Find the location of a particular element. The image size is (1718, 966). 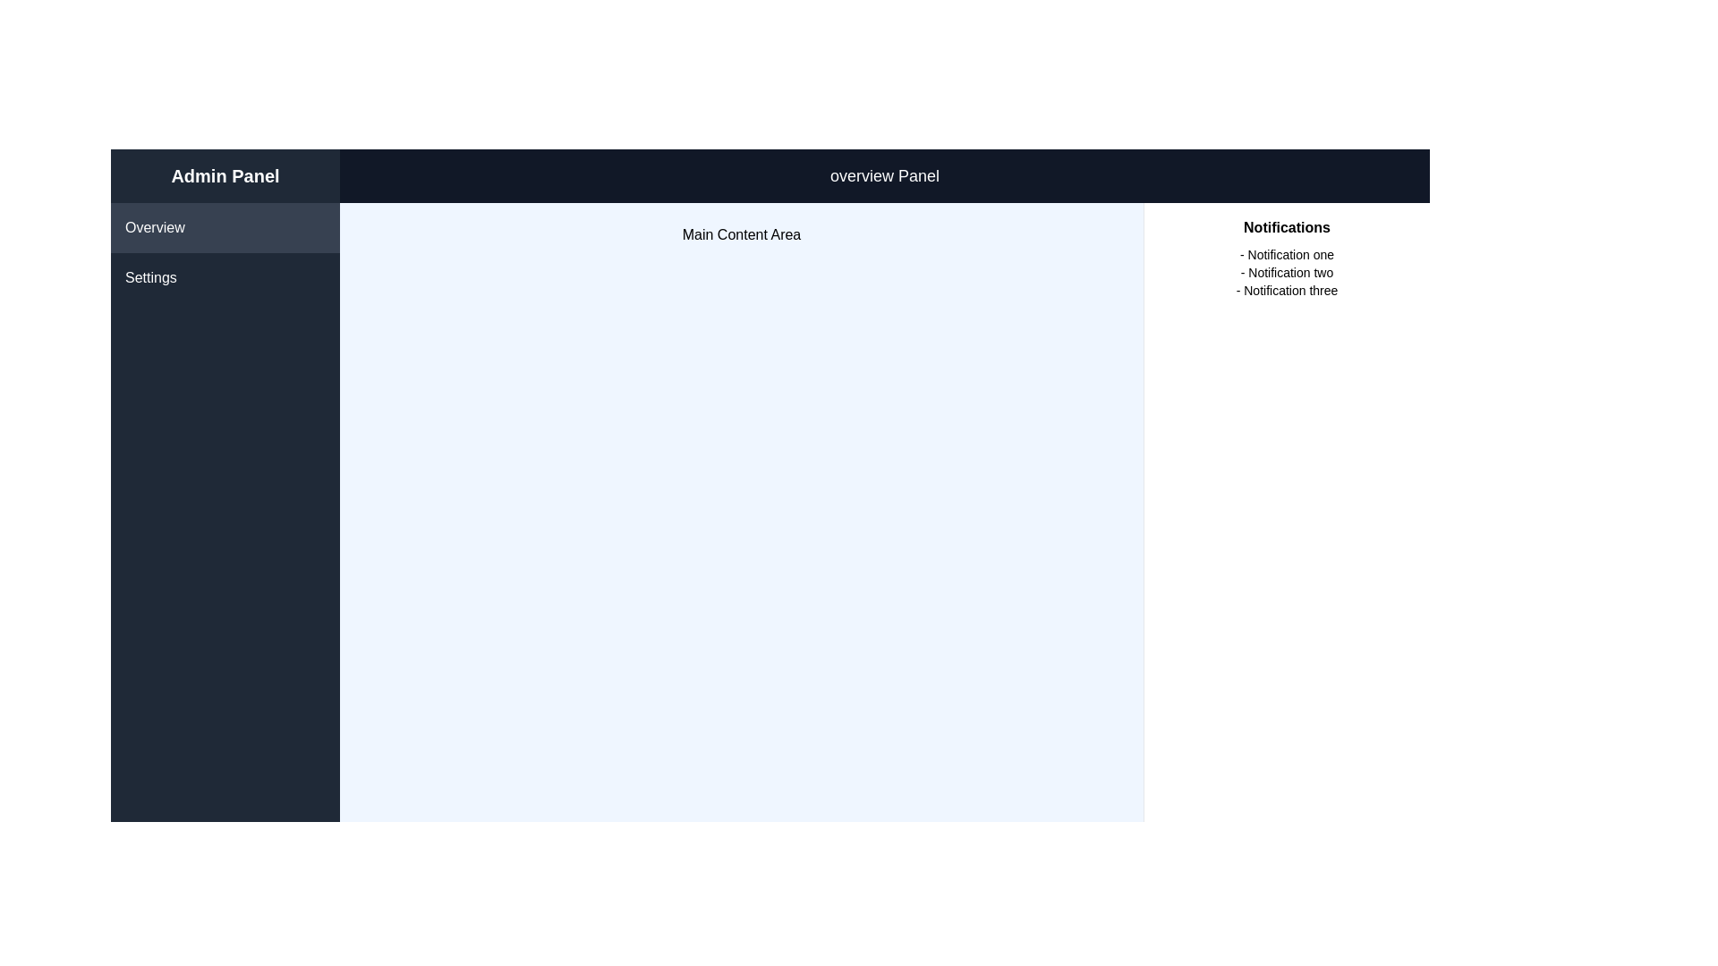

the text label that serves as the title for the notification list located at the top of the vertical list on the right side of the layout is located at coordinates (1286, 226).